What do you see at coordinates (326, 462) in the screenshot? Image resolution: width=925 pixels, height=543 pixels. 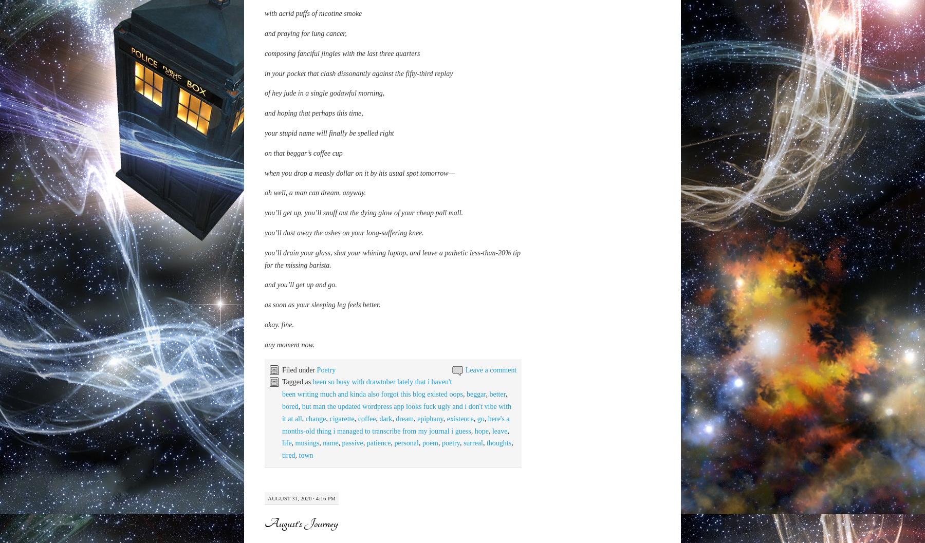 I see `'Poetry'` at bounding box center [326, 462].